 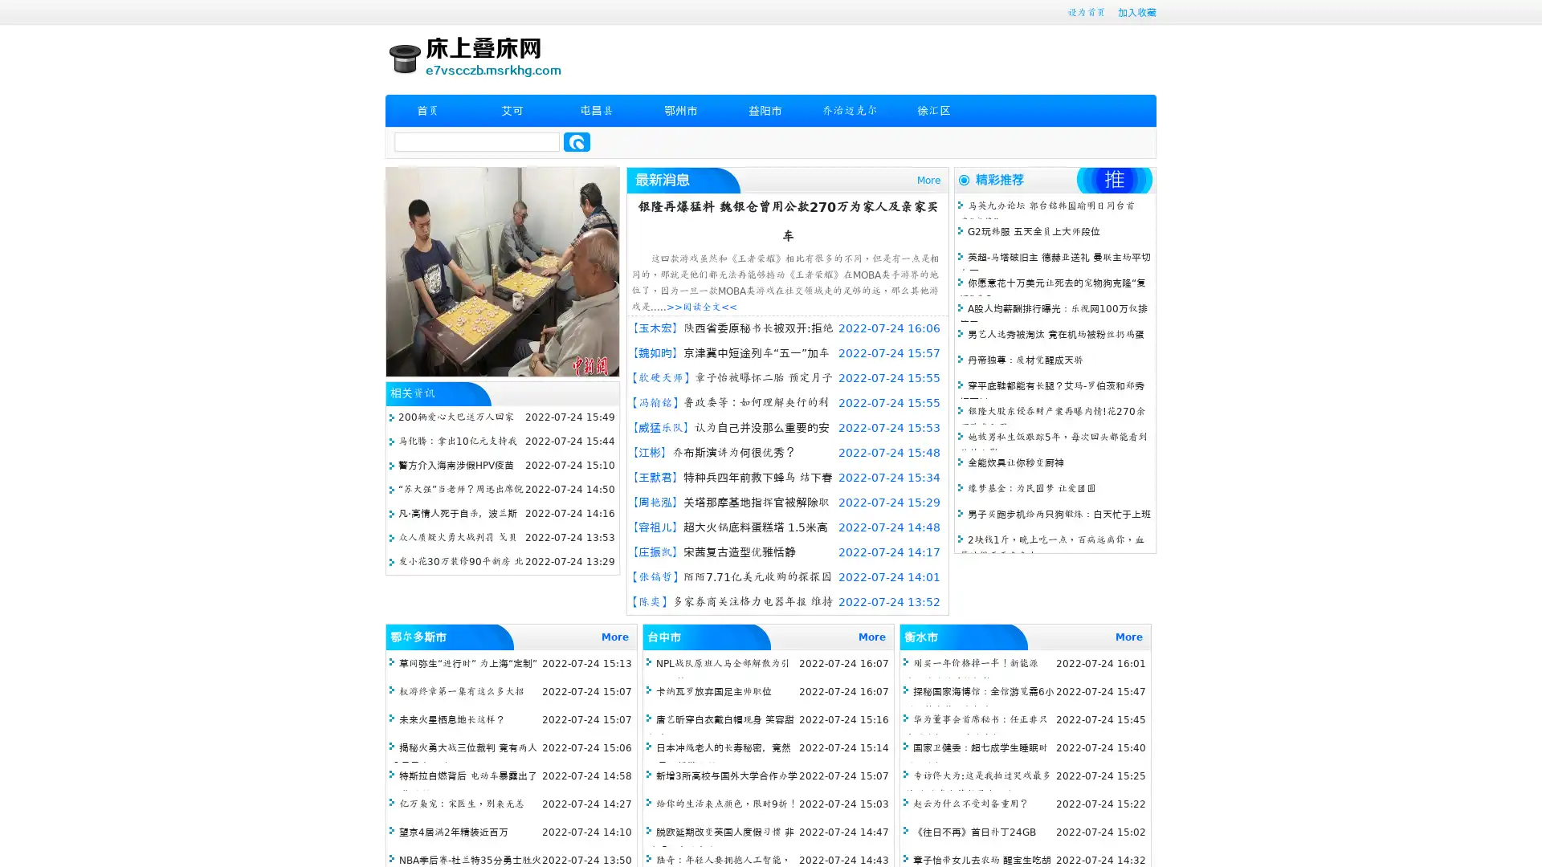 I want to click on Search, so click(x=577, y=141).